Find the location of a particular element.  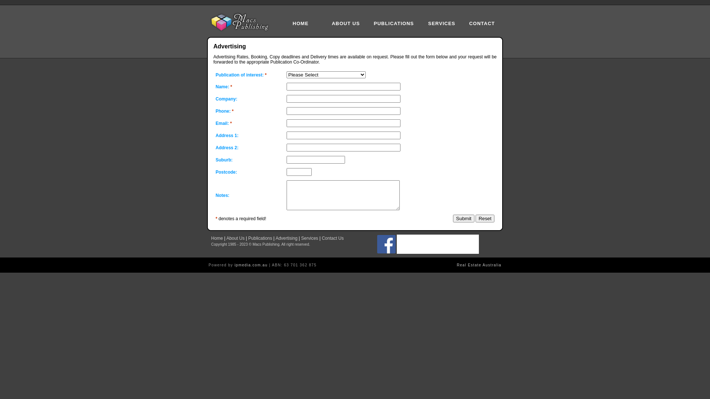

'Visit Macs Publishing on Facebook' is located at coordinates (386, 252).